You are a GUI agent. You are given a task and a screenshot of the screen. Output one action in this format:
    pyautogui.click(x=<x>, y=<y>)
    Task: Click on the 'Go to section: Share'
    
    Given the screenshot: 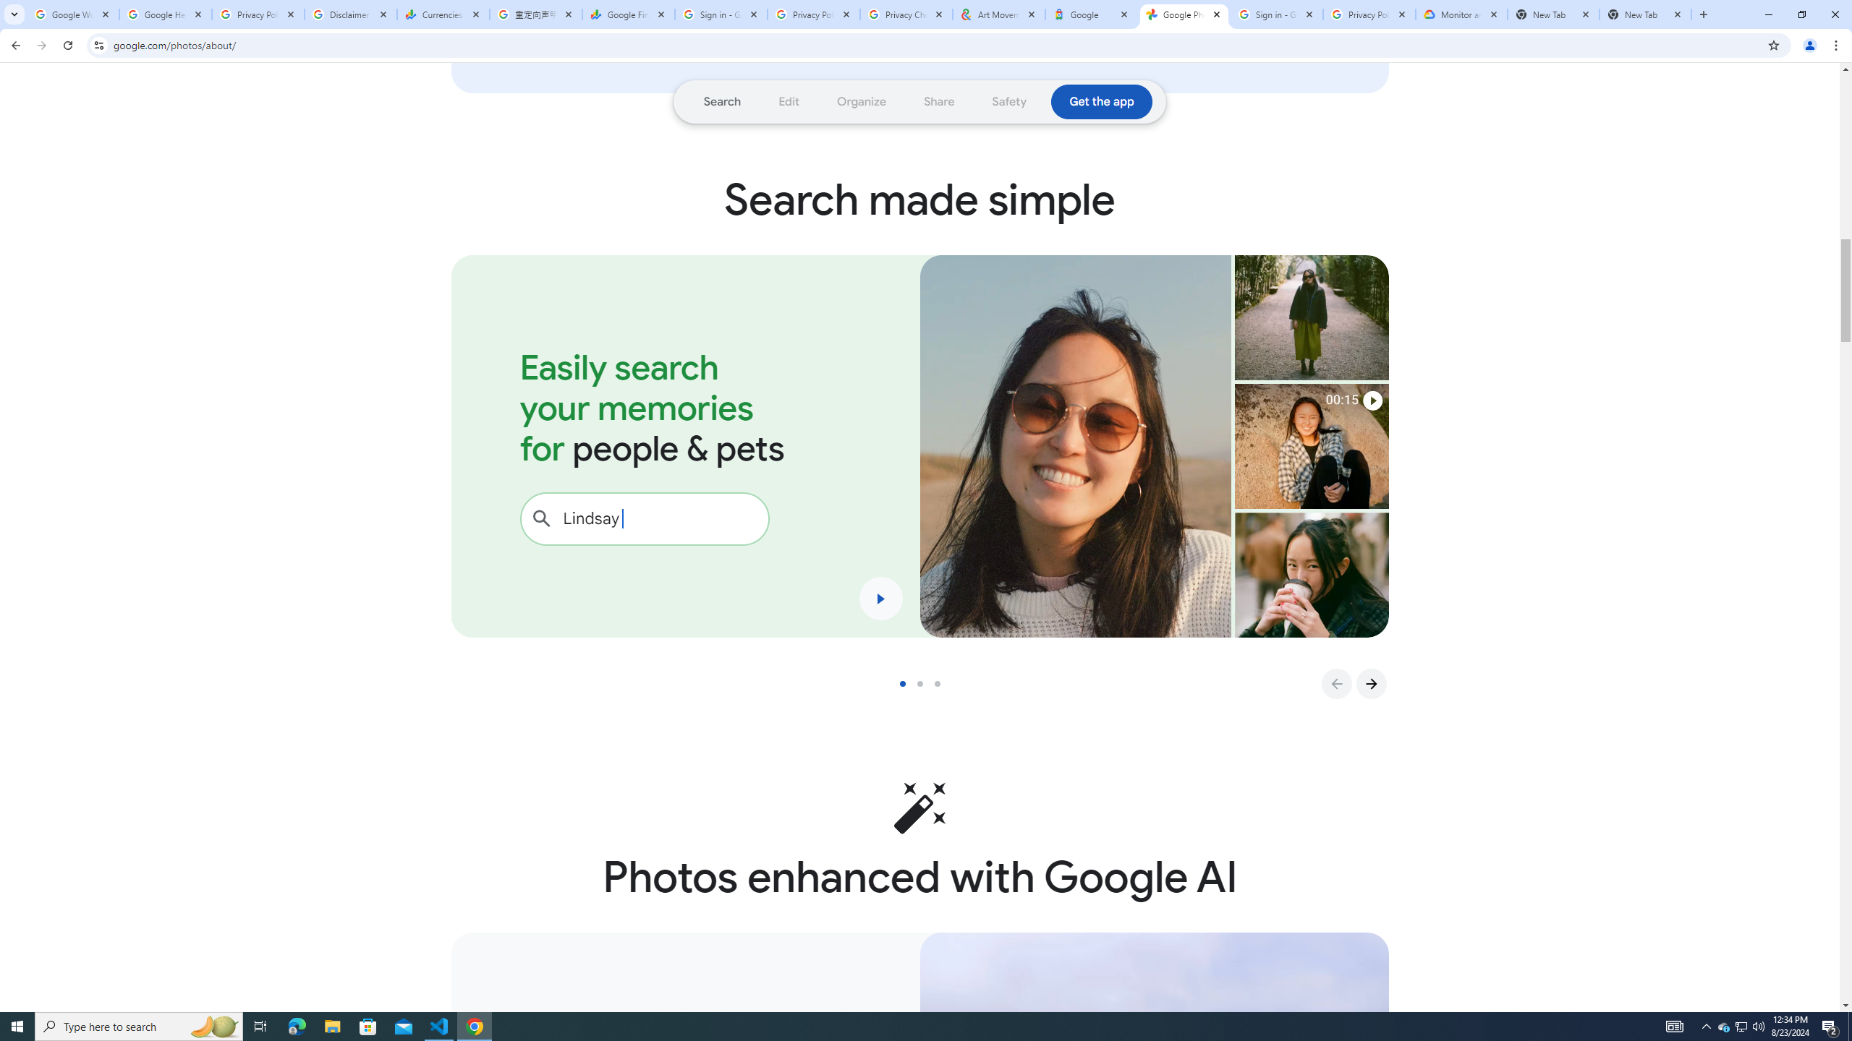 What is the action you would take?
    pyautogui.click(x=938, y=102)
    